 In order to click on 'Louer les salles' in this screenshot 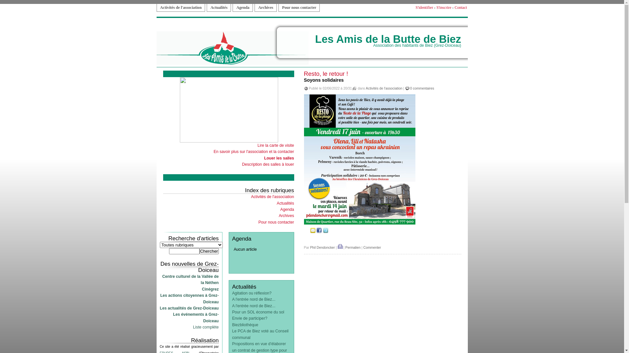, I will do `click(279, 158)`.